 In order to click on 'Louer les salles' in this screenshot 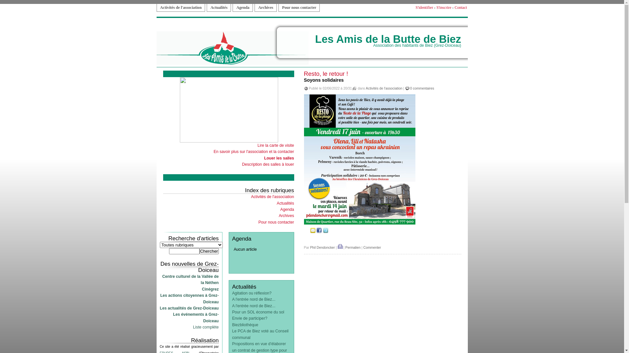, I will do `click(279, 158)`.